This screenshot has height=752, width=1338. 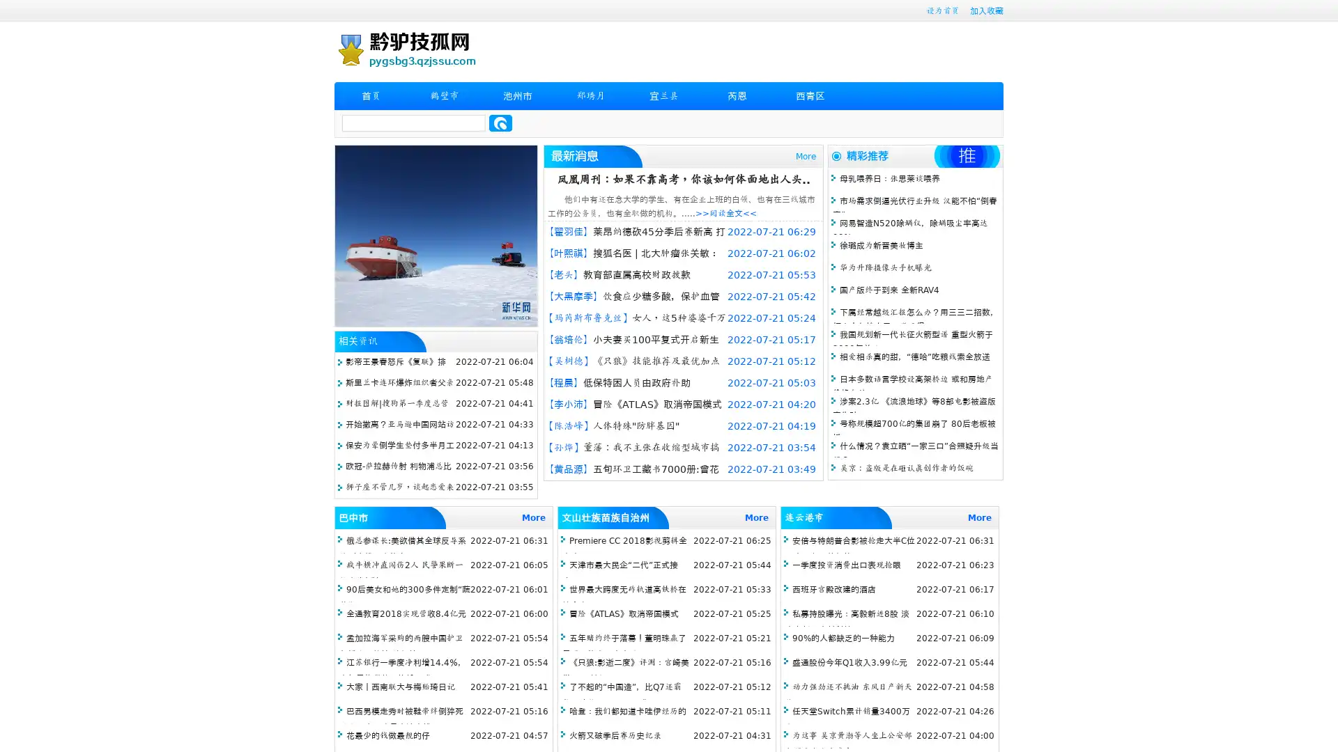 What do you see at coordinates (500, 123) in the screenshot?
I see `Search` at bounding box center [500, 123].